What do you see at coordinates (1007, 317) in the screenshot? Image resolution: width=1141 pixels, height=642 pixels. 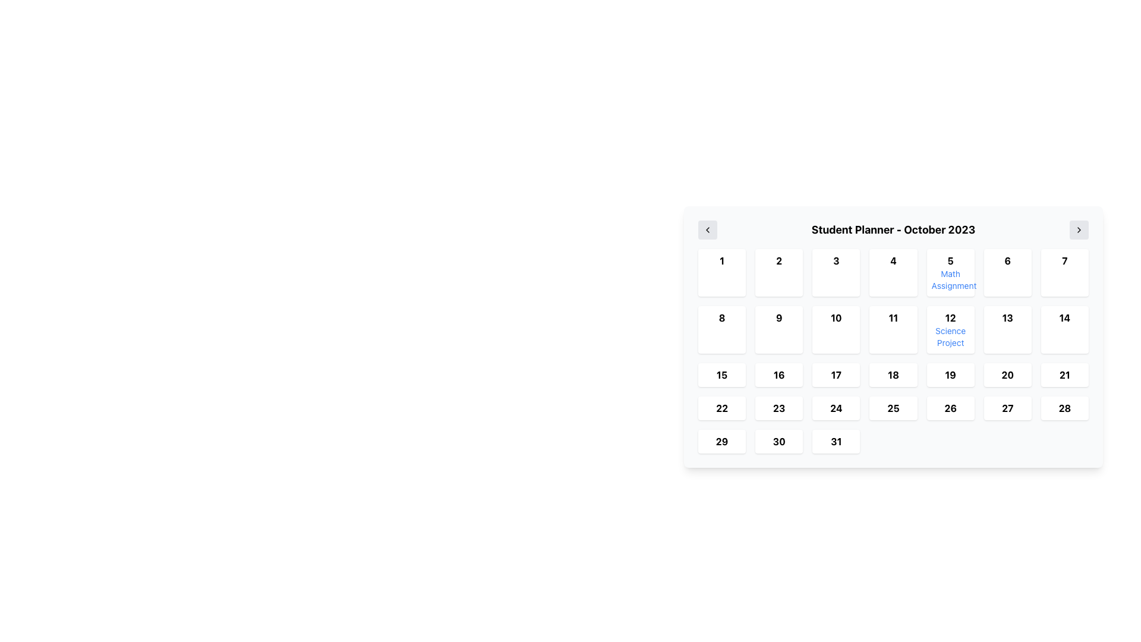 I see `date value displayed for October 13 in the calendar grid, which is positioned in the fifth row and corresponding column of the calendar for October 2023` at bounding box center [1007, 317].